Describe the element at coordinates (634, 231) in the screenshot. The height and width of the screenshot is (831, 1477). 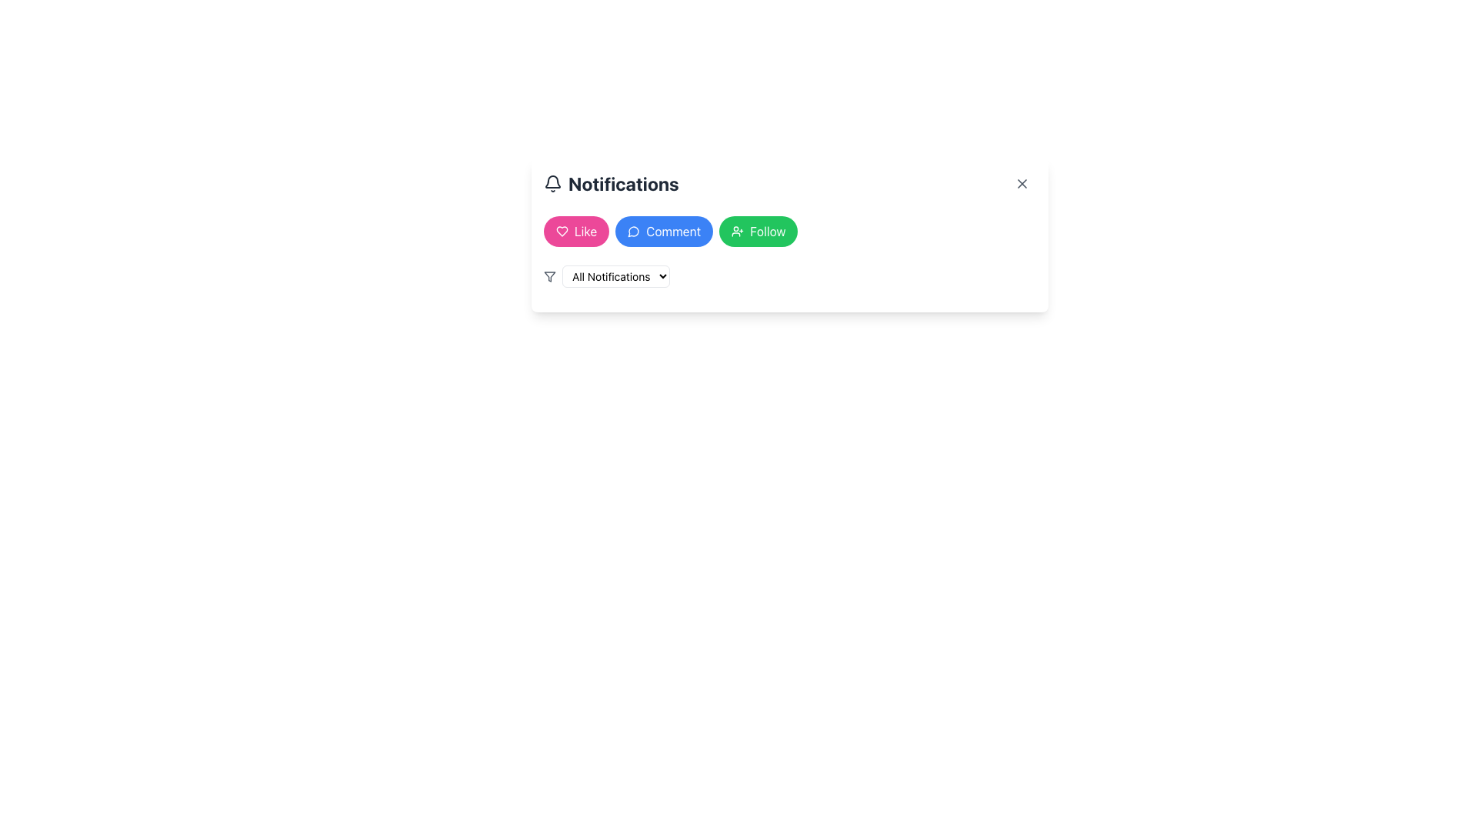
I see `the blue button labeled 'Comment' which contains the comment icon, located in the notification panel among the buttons 'Like', 'Comment', and 'Follow'` at that location.